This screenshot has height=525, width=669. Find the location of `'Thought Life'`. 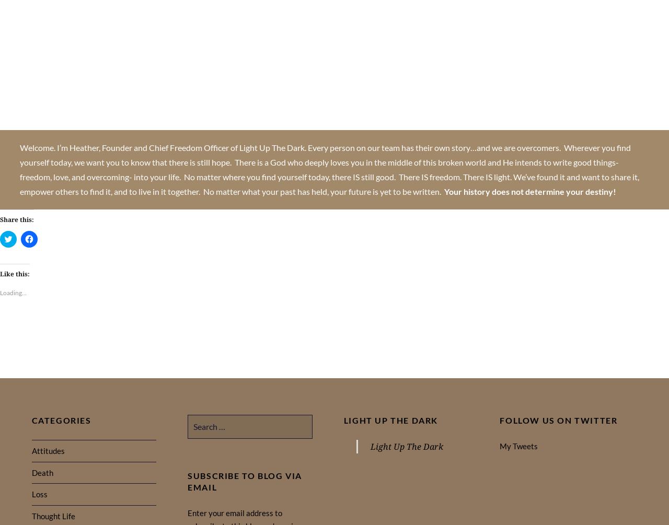

'Thought Life' is located at coordinates (52, 516).